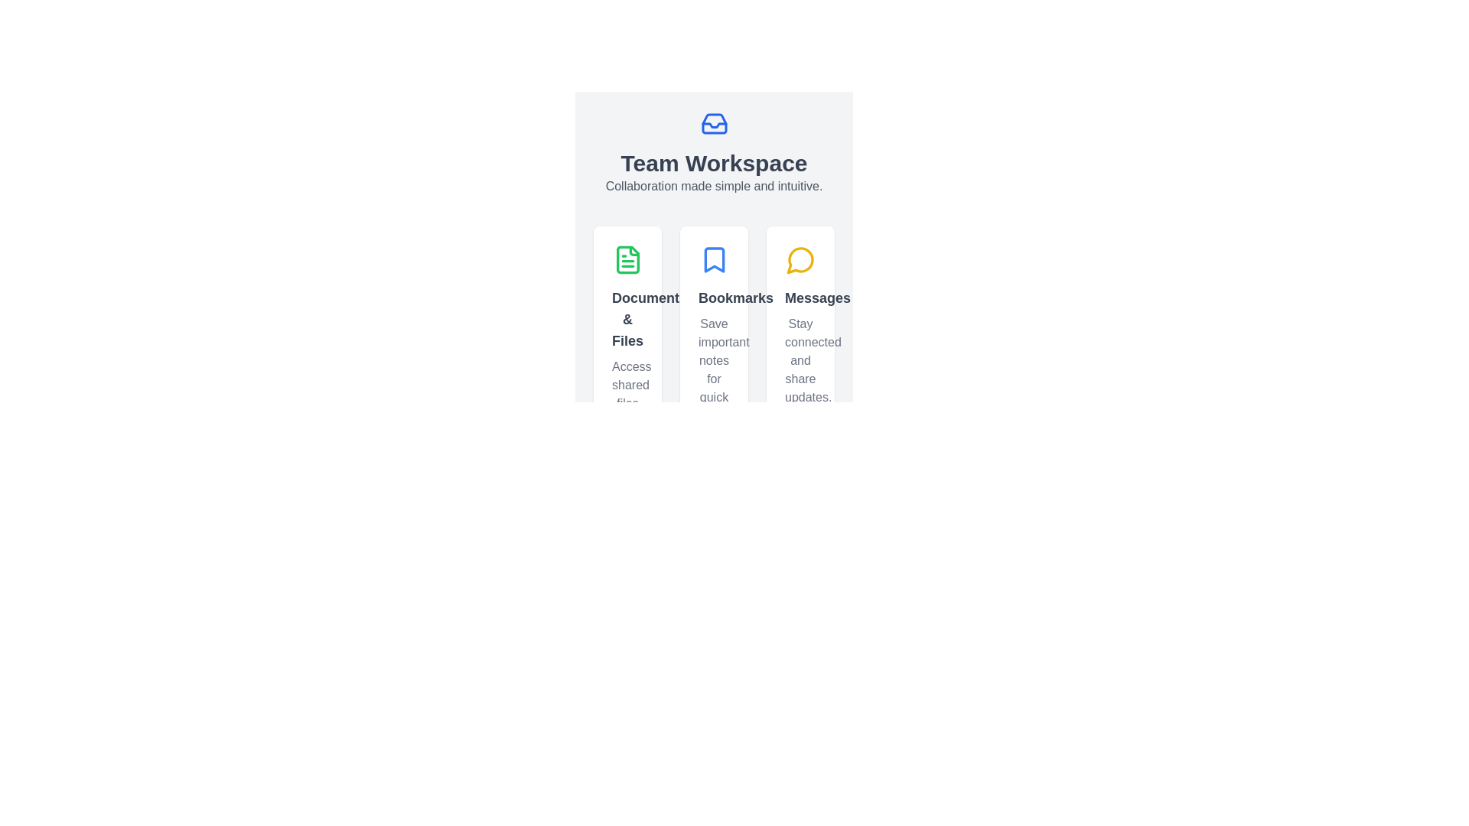  I want to click on the blue stroke inbox-like icon component located near the center-top of the interface, just above the 'Team Workspace' title, so click(713, 123).